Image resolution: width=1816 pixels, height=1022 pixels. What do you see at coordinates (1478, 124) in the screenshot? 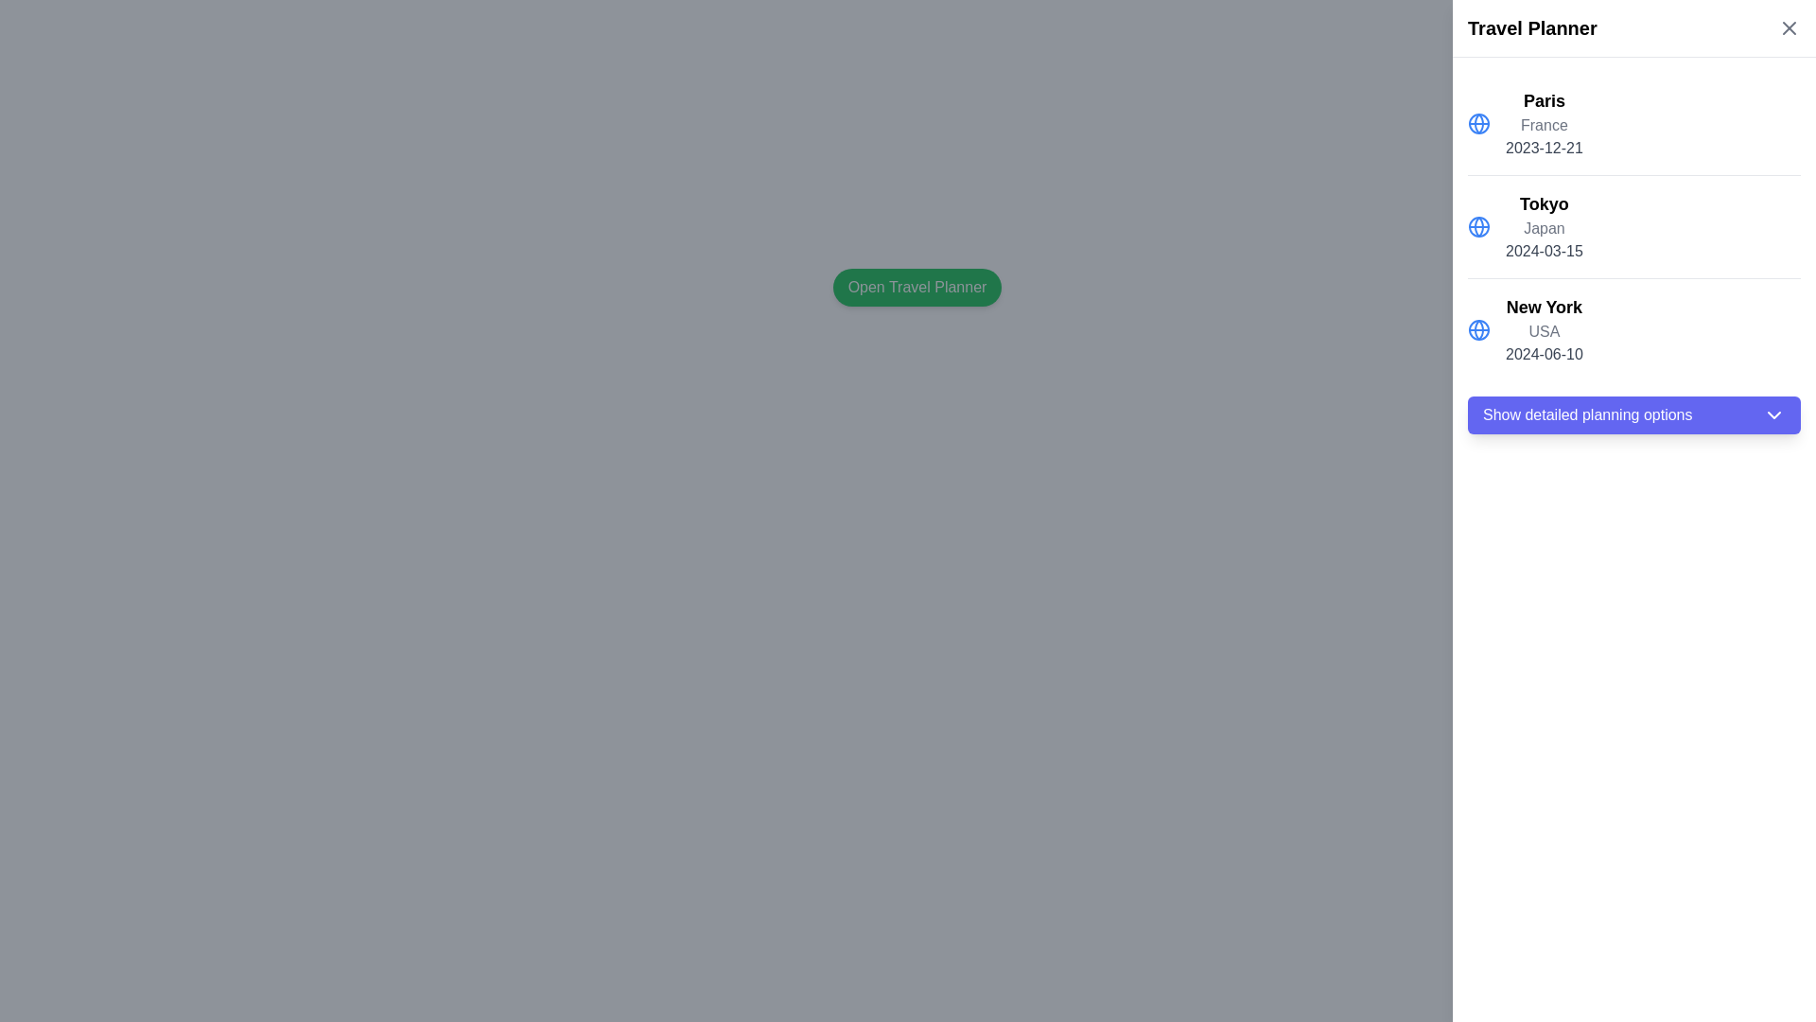
I see `the globe icon located in the sidebar under the 'Travel Planner' section, which is the first icon in the vertical list appearing directly to the left of the title 'Paris'` at bounding box center [1478, 124].